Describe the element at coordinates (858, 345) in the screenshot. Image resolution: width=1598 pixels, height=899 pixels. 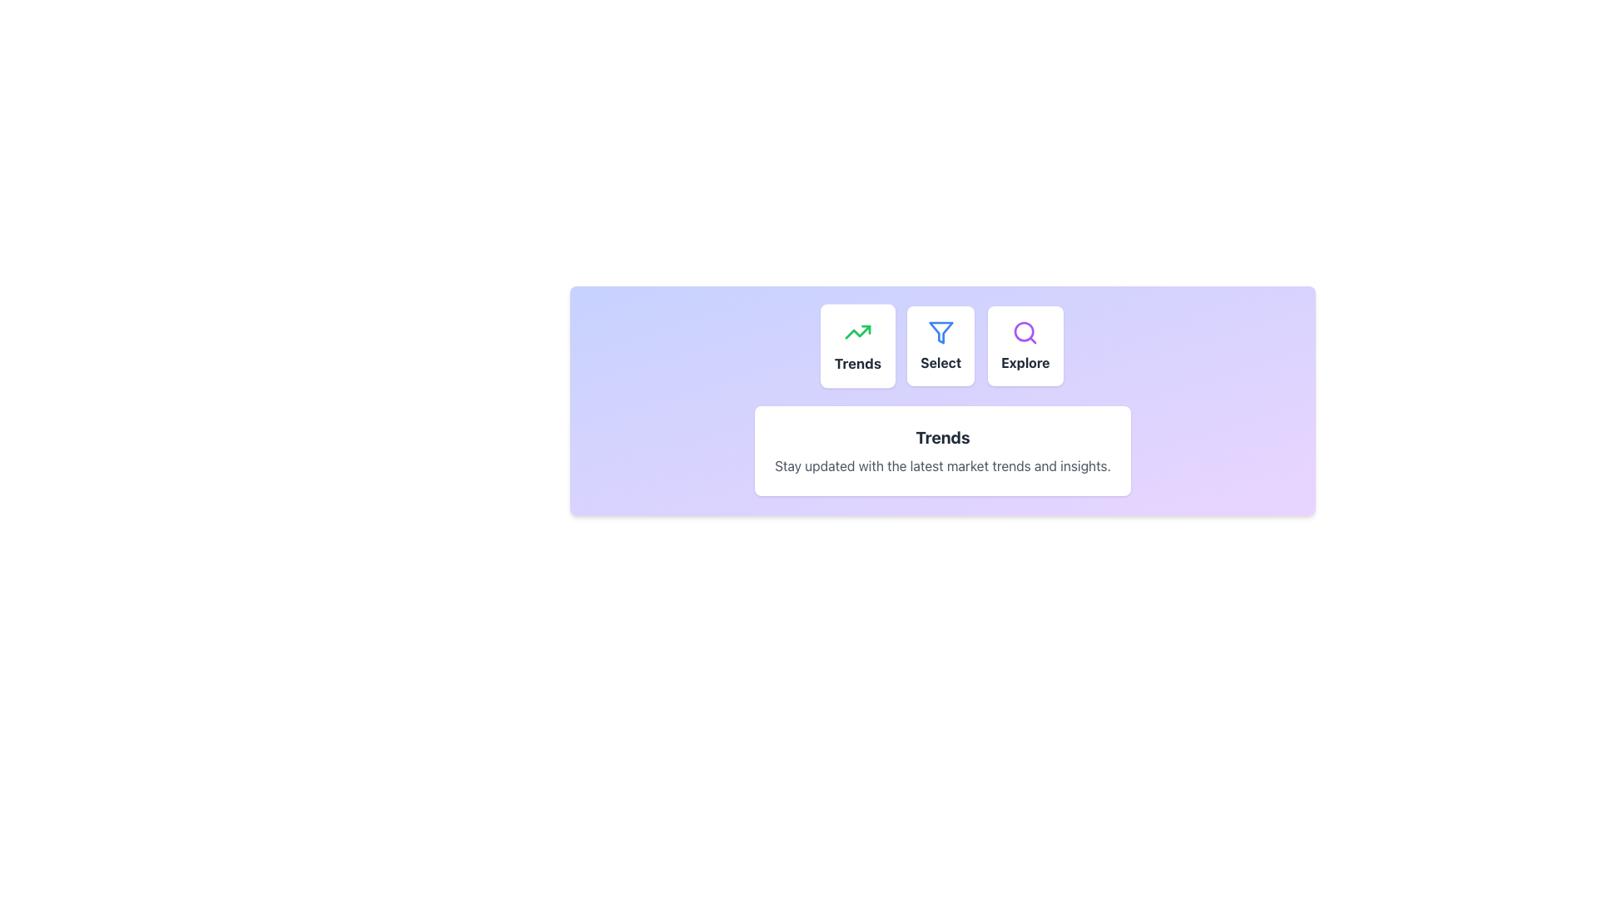
I see `the first button in a group of three that provides access to market trends information` at that location.